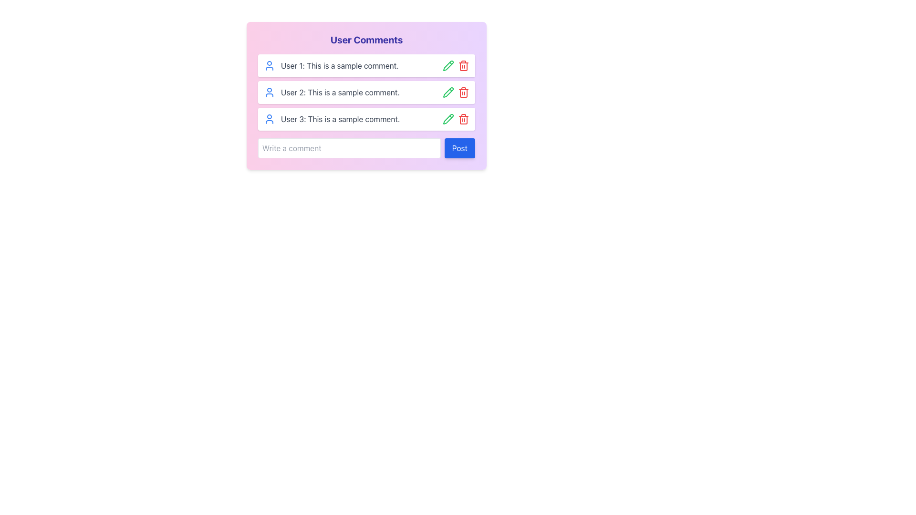  Describe the element at coordinates (448, 119) in the screenshot. I see `the green pencil-shaped icon in the user comments section` at that location.